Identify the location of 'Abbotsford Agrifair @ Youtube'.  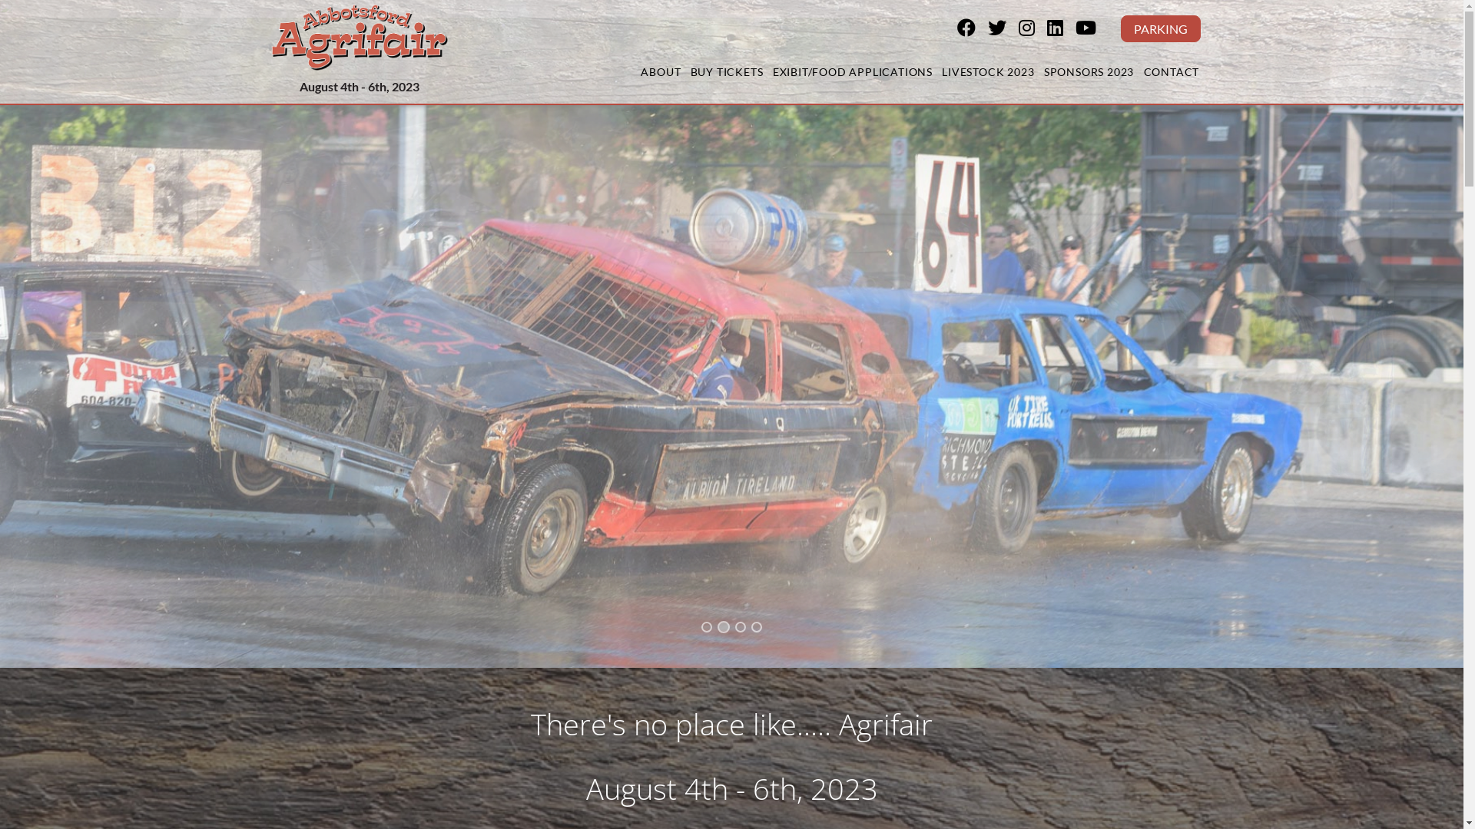
(1075, 29).